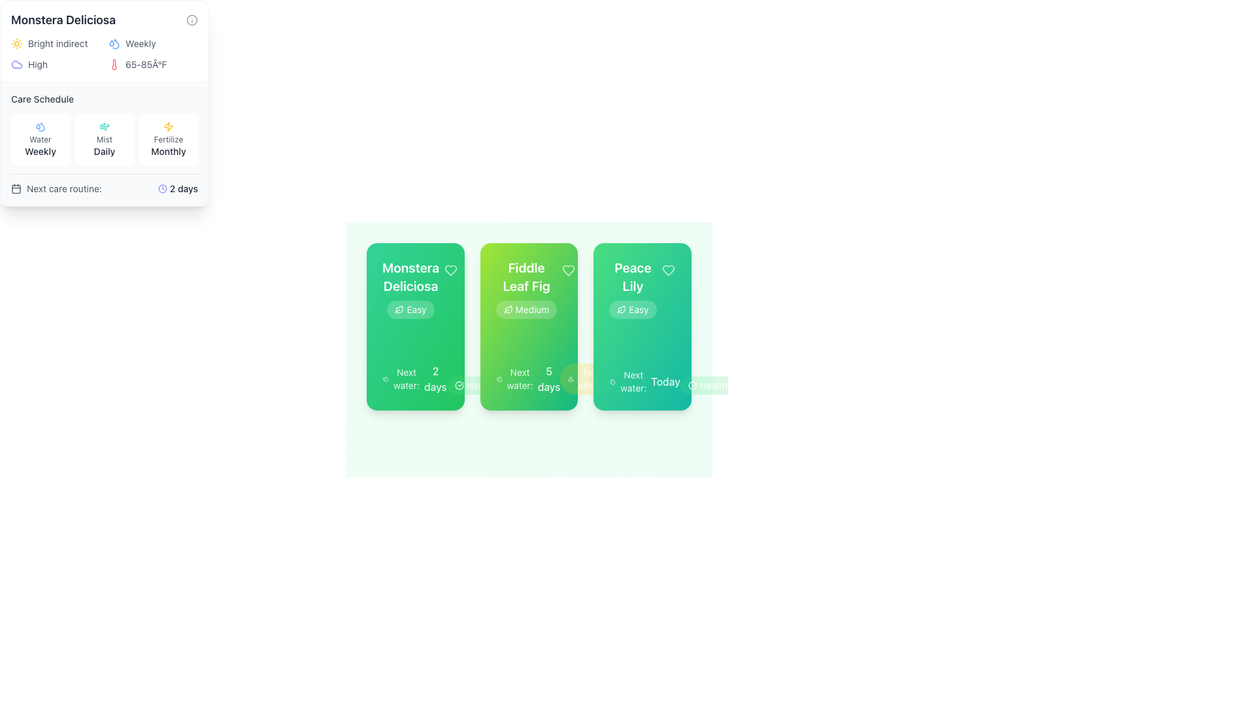 This screenshot has width=1255, height=706. I want to click on the Information card located in the first column of the grid layout, so click(414, 326).